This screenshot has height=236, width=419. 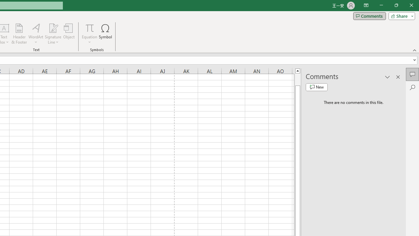 I want to click on 'Page up', so click(x=297, y=79).